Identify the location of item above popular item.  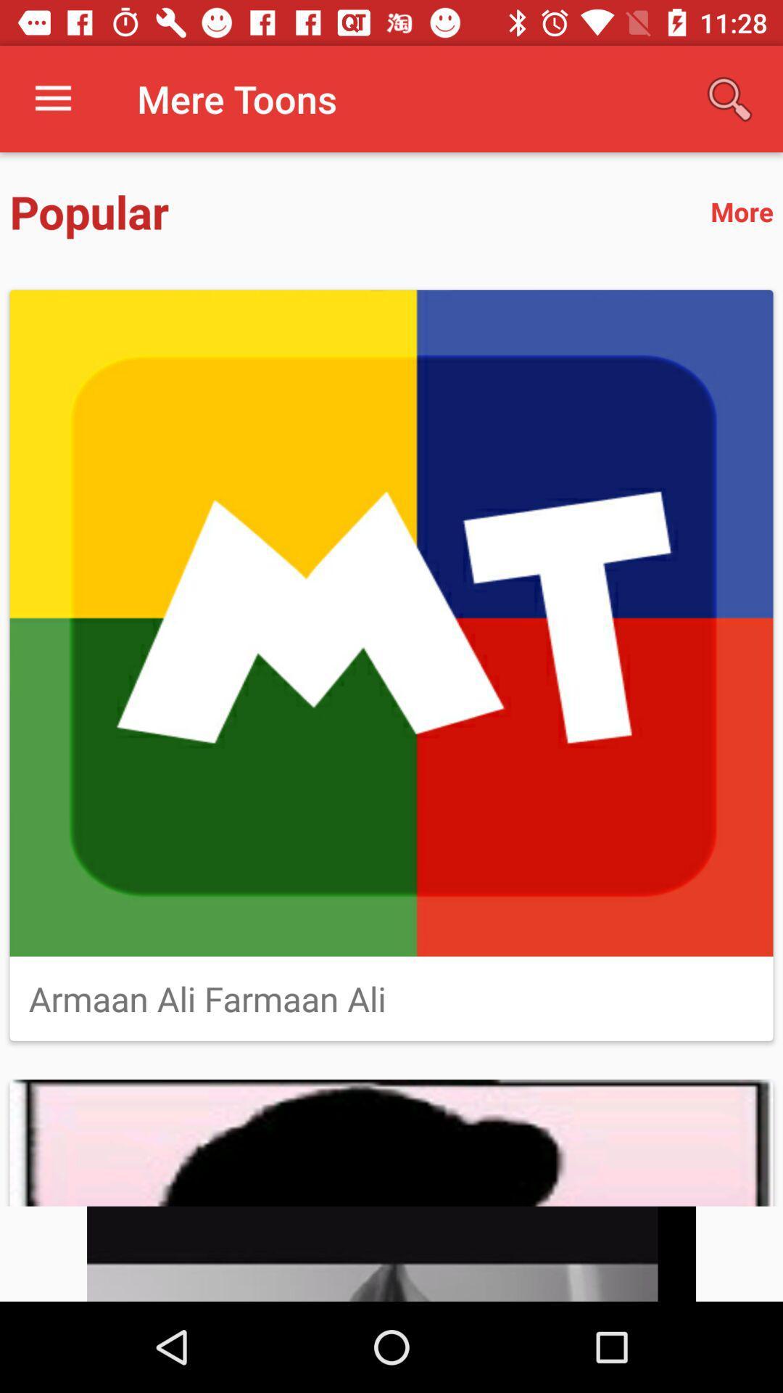
(52, 98).